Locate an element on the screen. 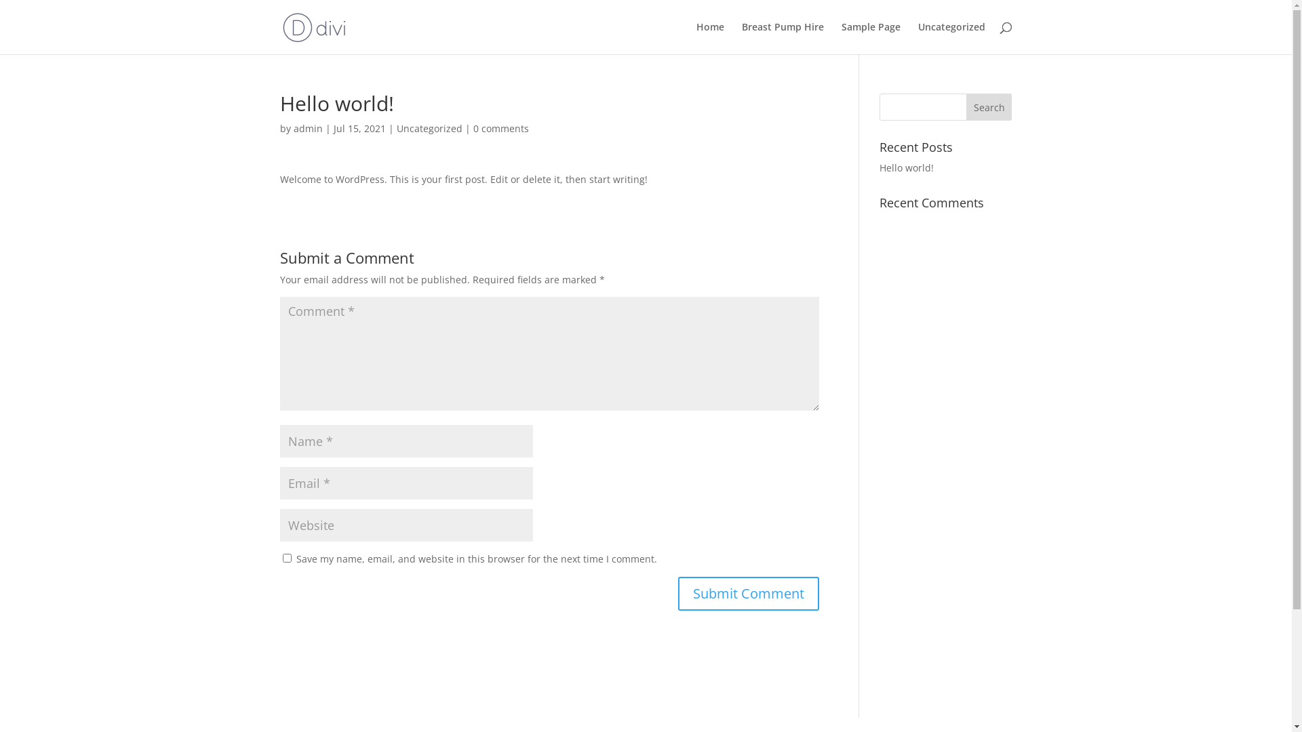 Image resolution: width=1302 pixels, height=732 pixels. '0 comments' is located at coordinates (500, 128).